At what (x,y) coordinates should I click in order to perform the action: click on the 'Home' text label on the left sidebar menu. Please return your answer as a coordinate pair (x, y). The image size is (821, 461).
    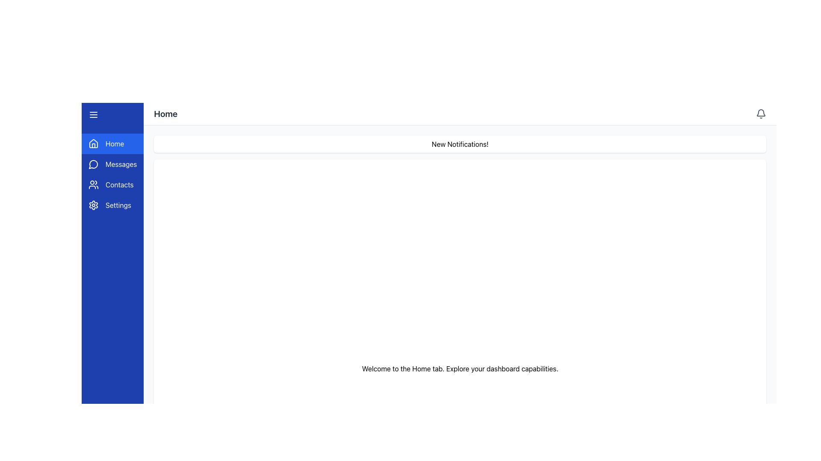
    Looking at the image, I should click on (114, 143).